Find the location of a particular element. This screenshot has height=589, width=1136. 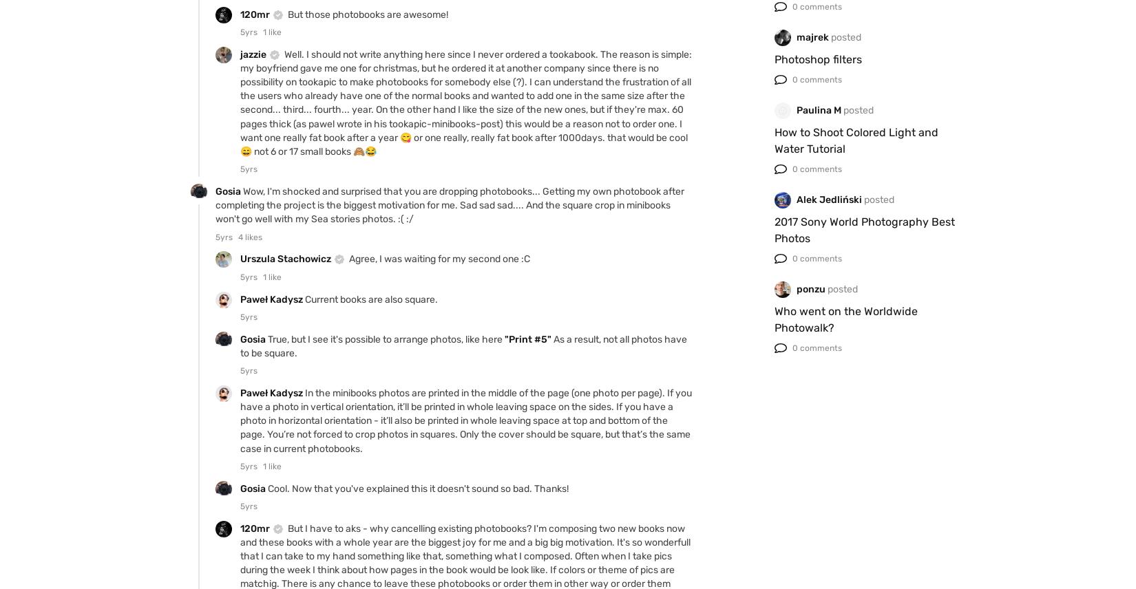

'Photoshop filters' is located at coordinates (818, 58).